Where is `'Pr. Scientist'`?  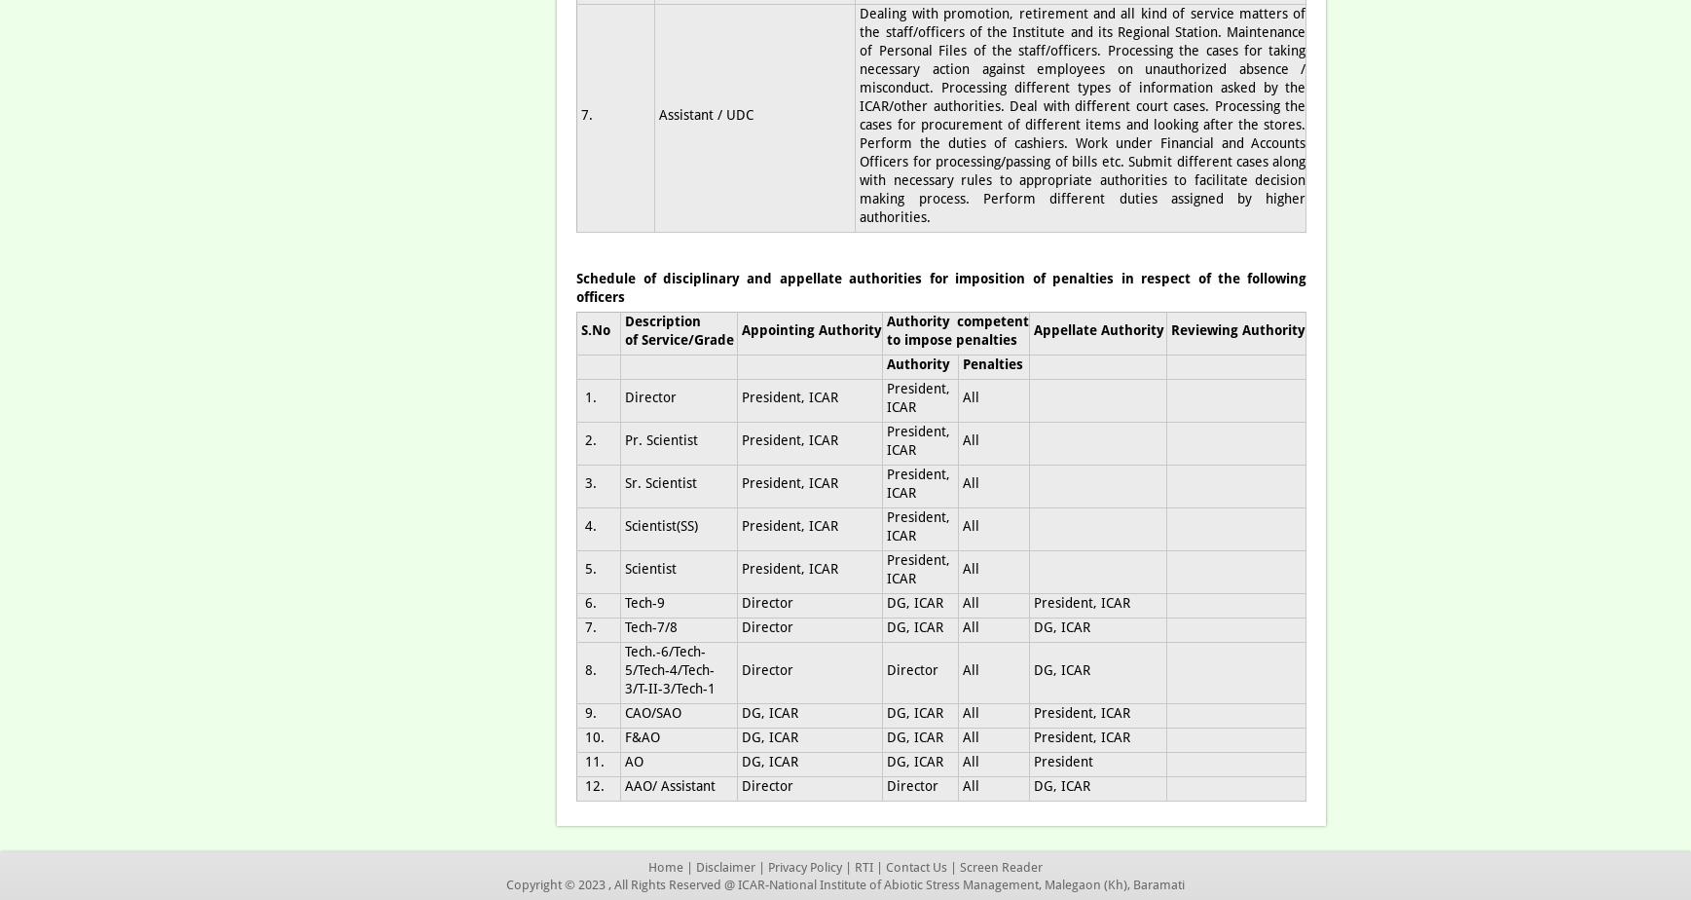
'Pr. Scientist' is located at coordinates (659, 440).